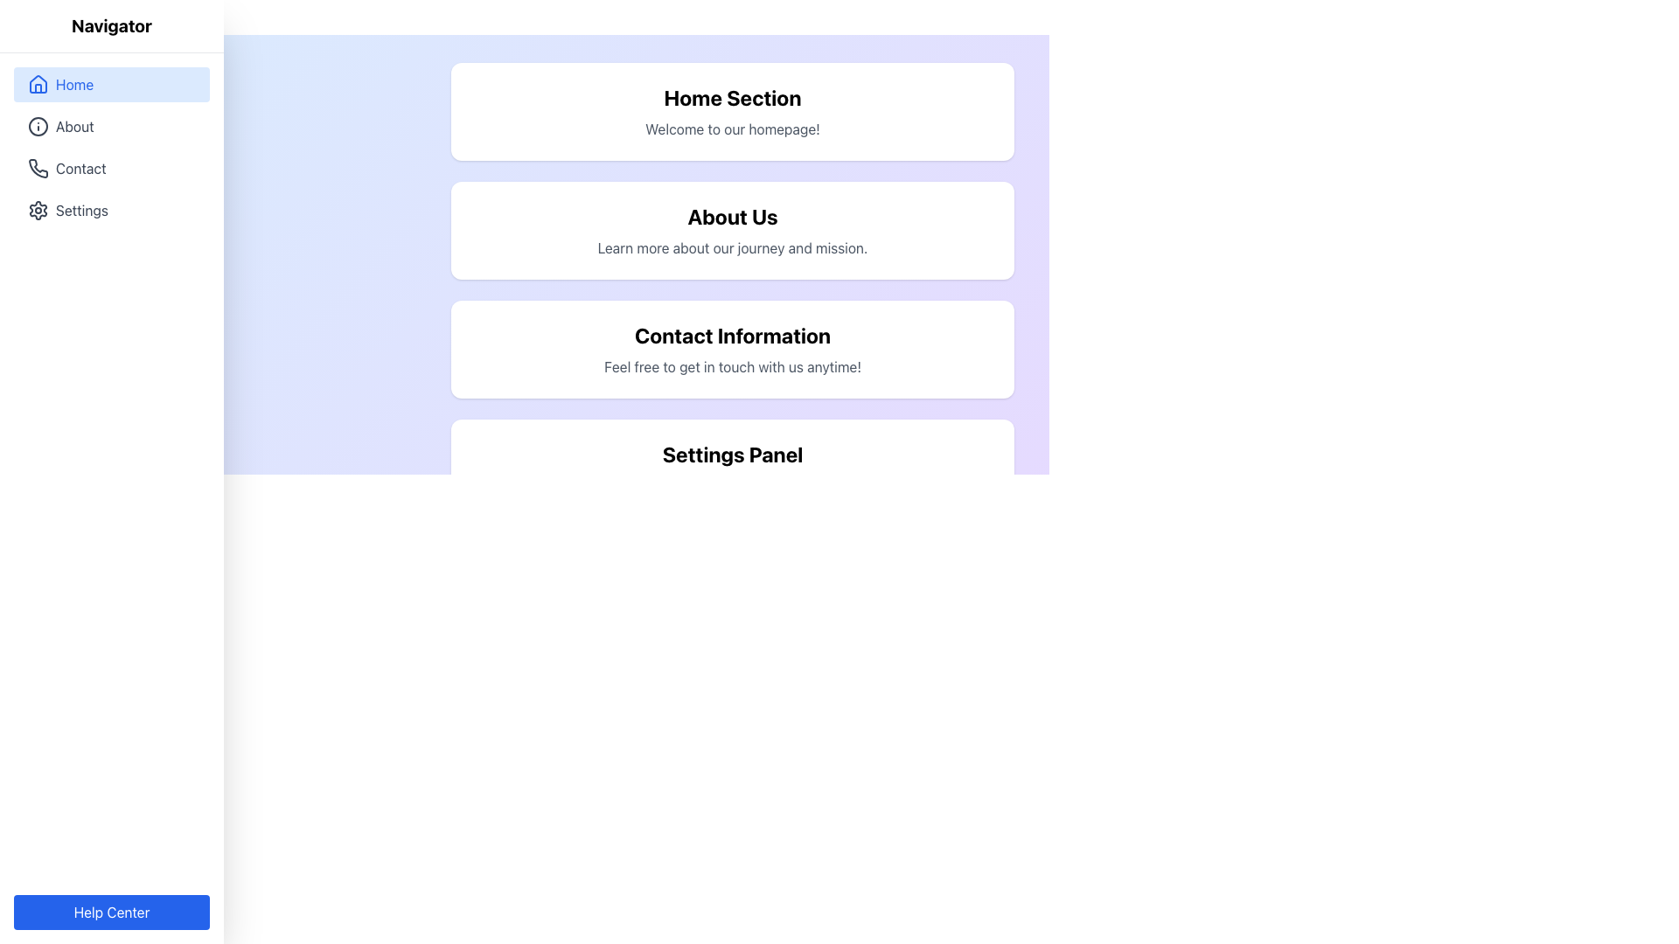 The height and width of the screenshot is (944, 1679). What do you see at coordinates (733, 215) in the screenshot?
I see `the 'About Us' title text element, which is bold and large, located in the second card of a vertical stack in the main content area` at bounding box center [733, 215].